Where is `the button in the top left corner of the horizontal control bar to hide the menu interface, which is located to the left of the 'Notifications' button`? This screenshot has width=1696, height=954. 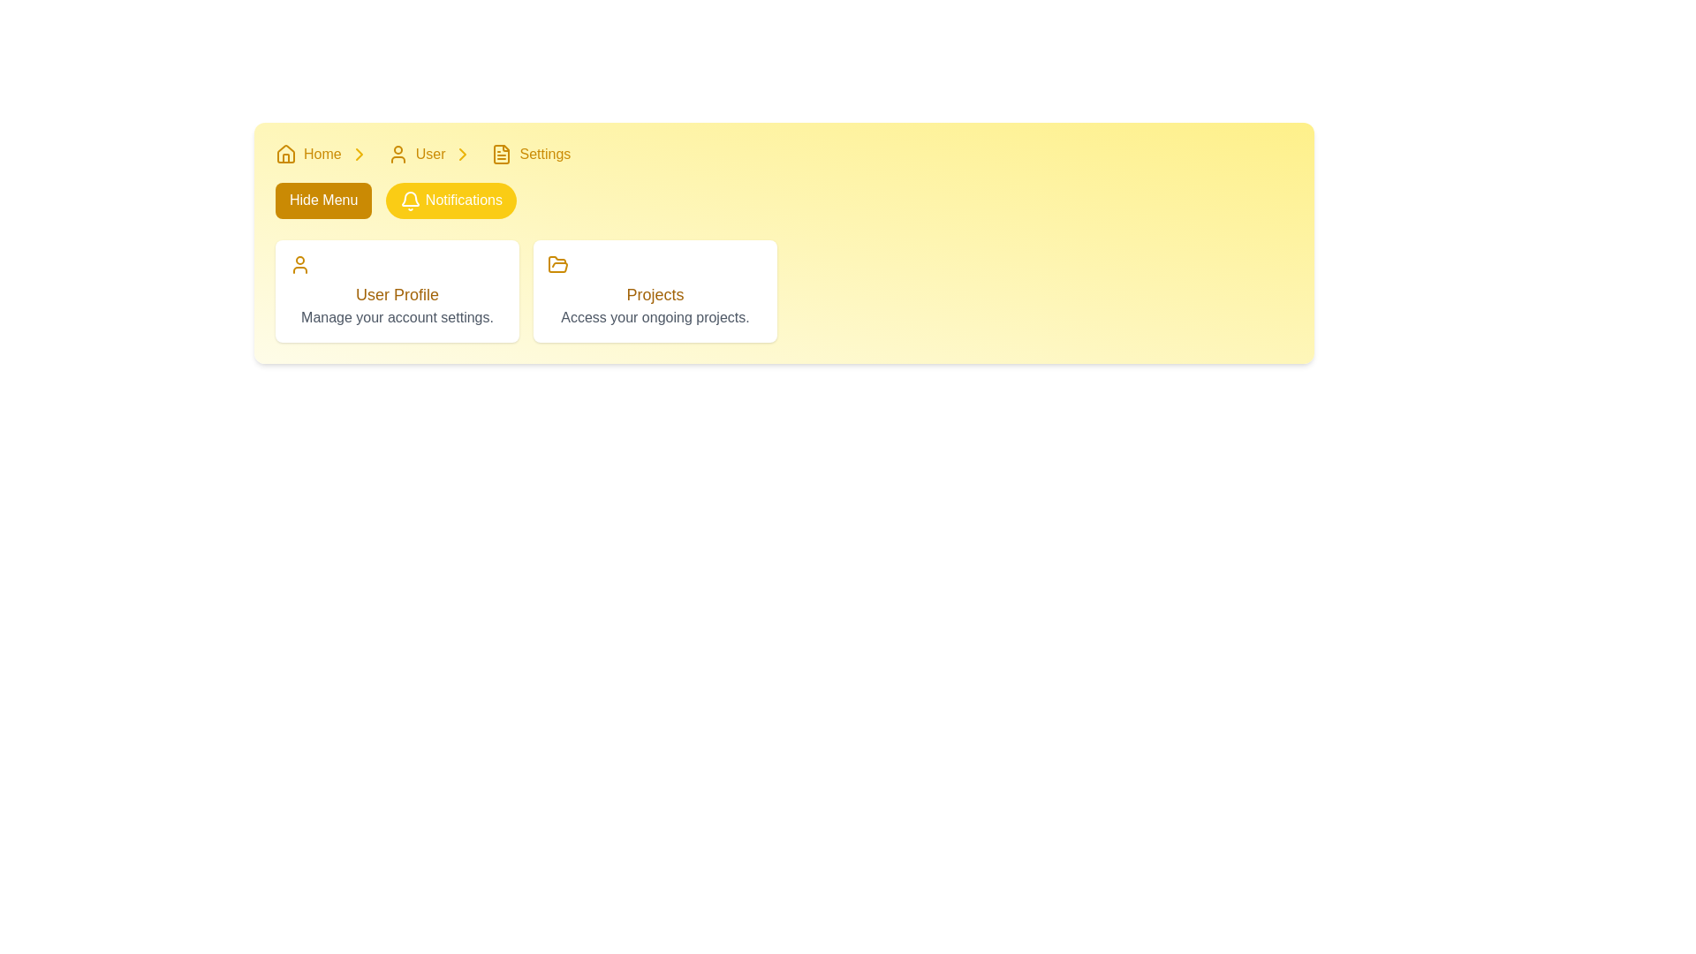
the button in the top left corner of the horizontal control bar to hide the menu interface, which is located to the left of the 'Notifications' button is located at coordinates (323, 200).